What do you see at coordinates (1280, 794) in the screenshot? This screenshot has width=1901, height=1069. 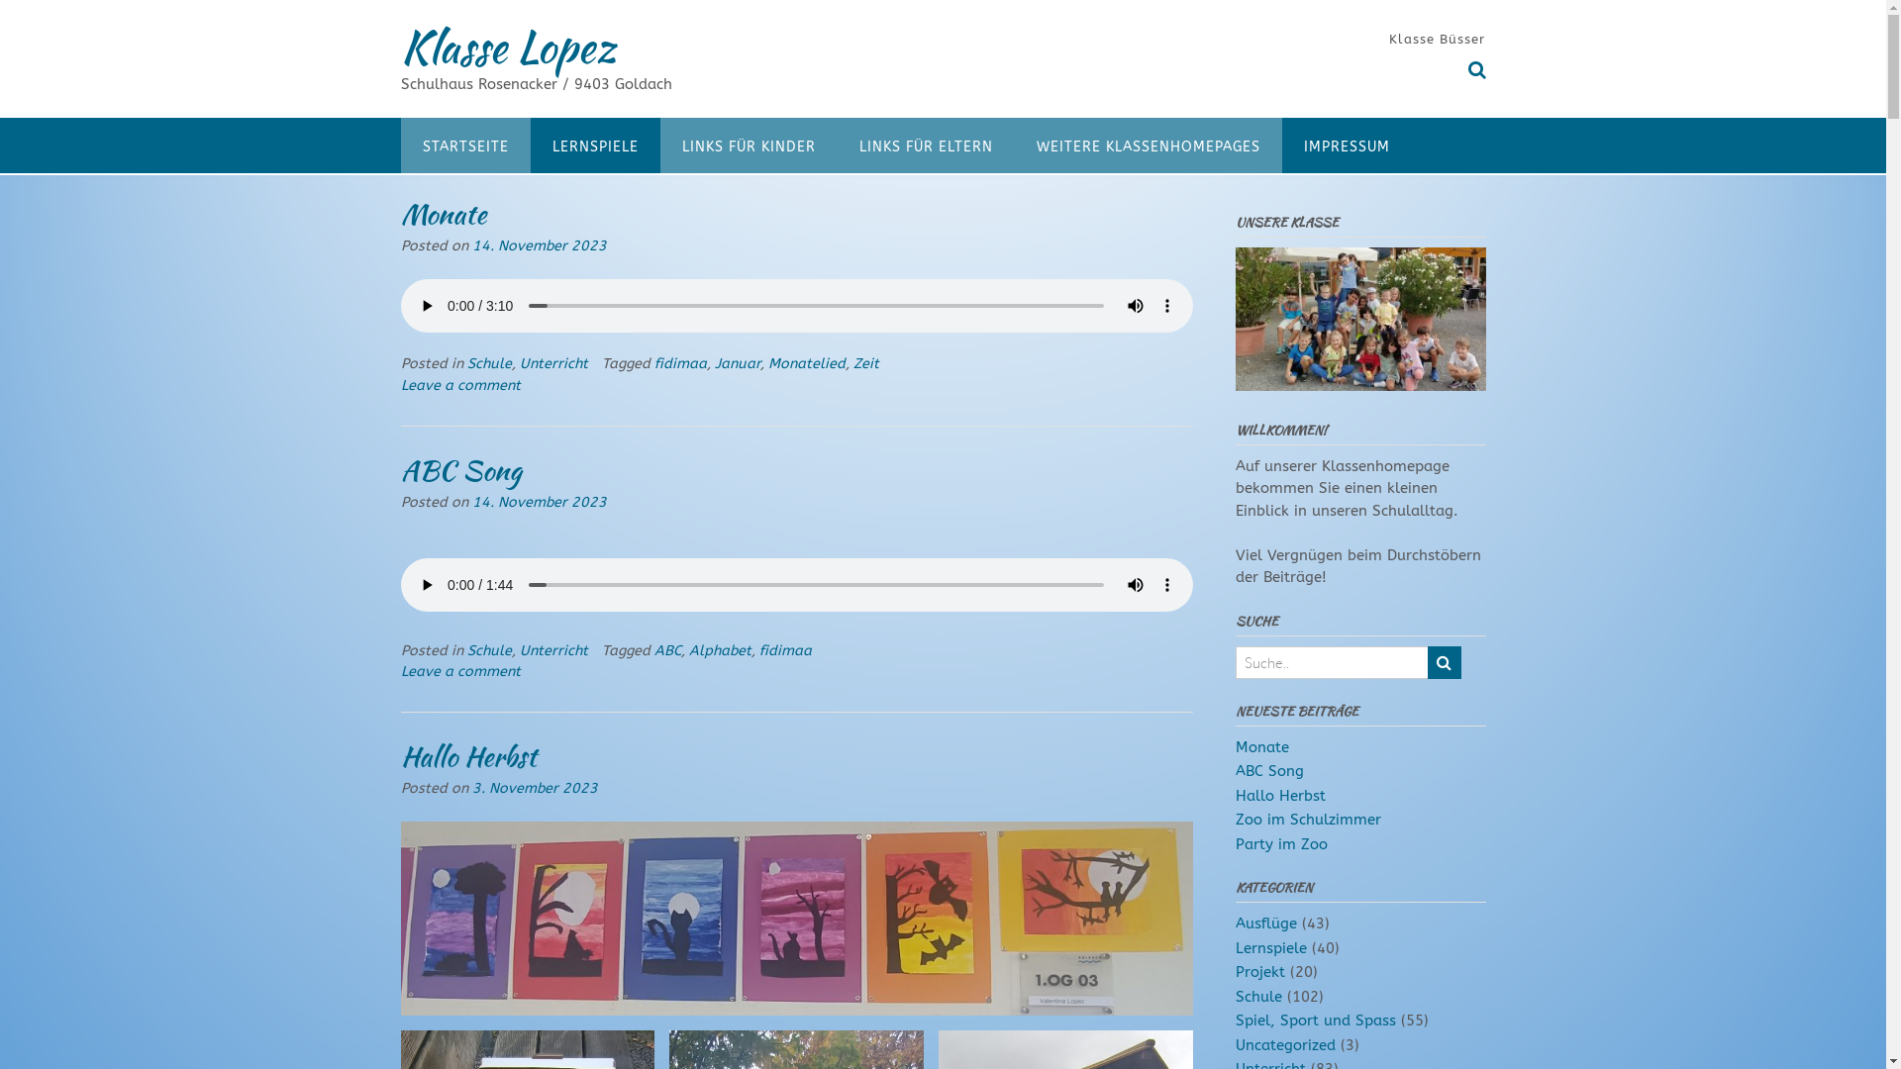 I see `'Hallo Herbst'` at bounding box center [1280, 794].